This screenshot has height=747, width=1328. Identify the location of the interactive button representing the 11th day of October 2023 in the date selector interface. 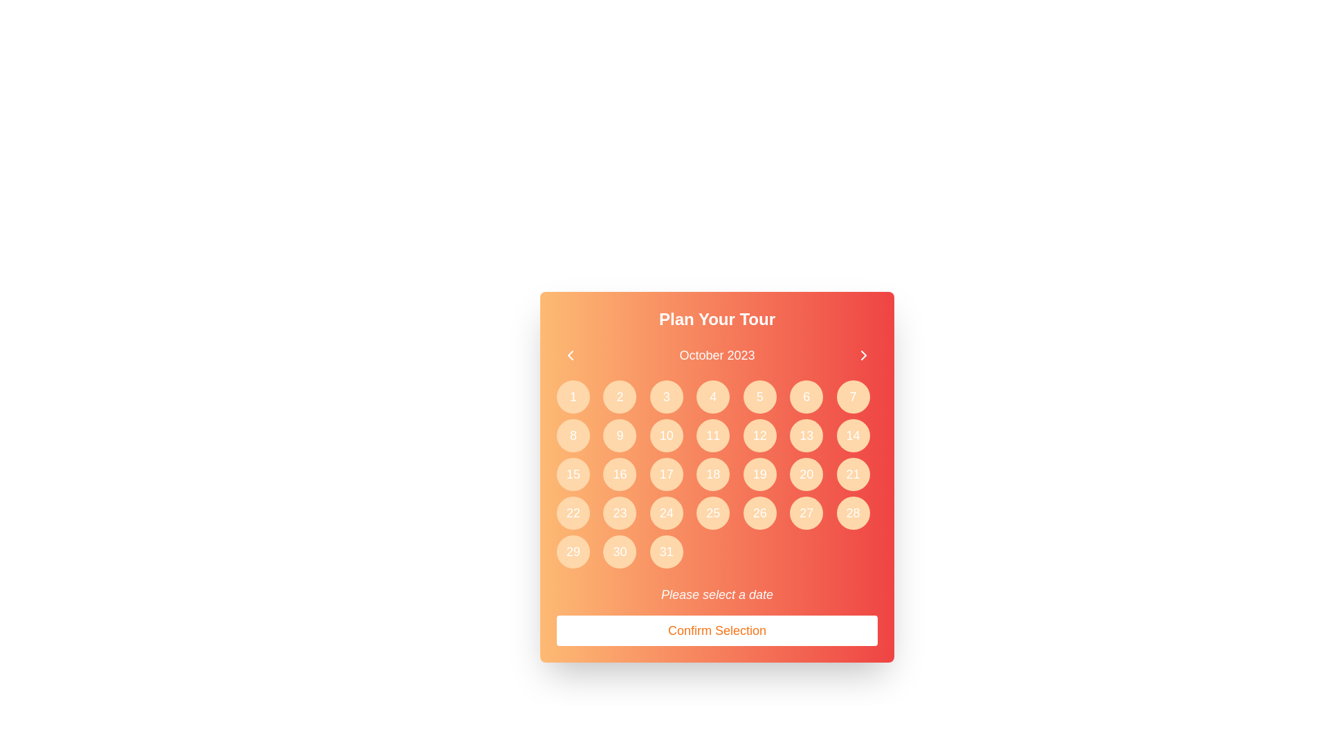
(713, 434).